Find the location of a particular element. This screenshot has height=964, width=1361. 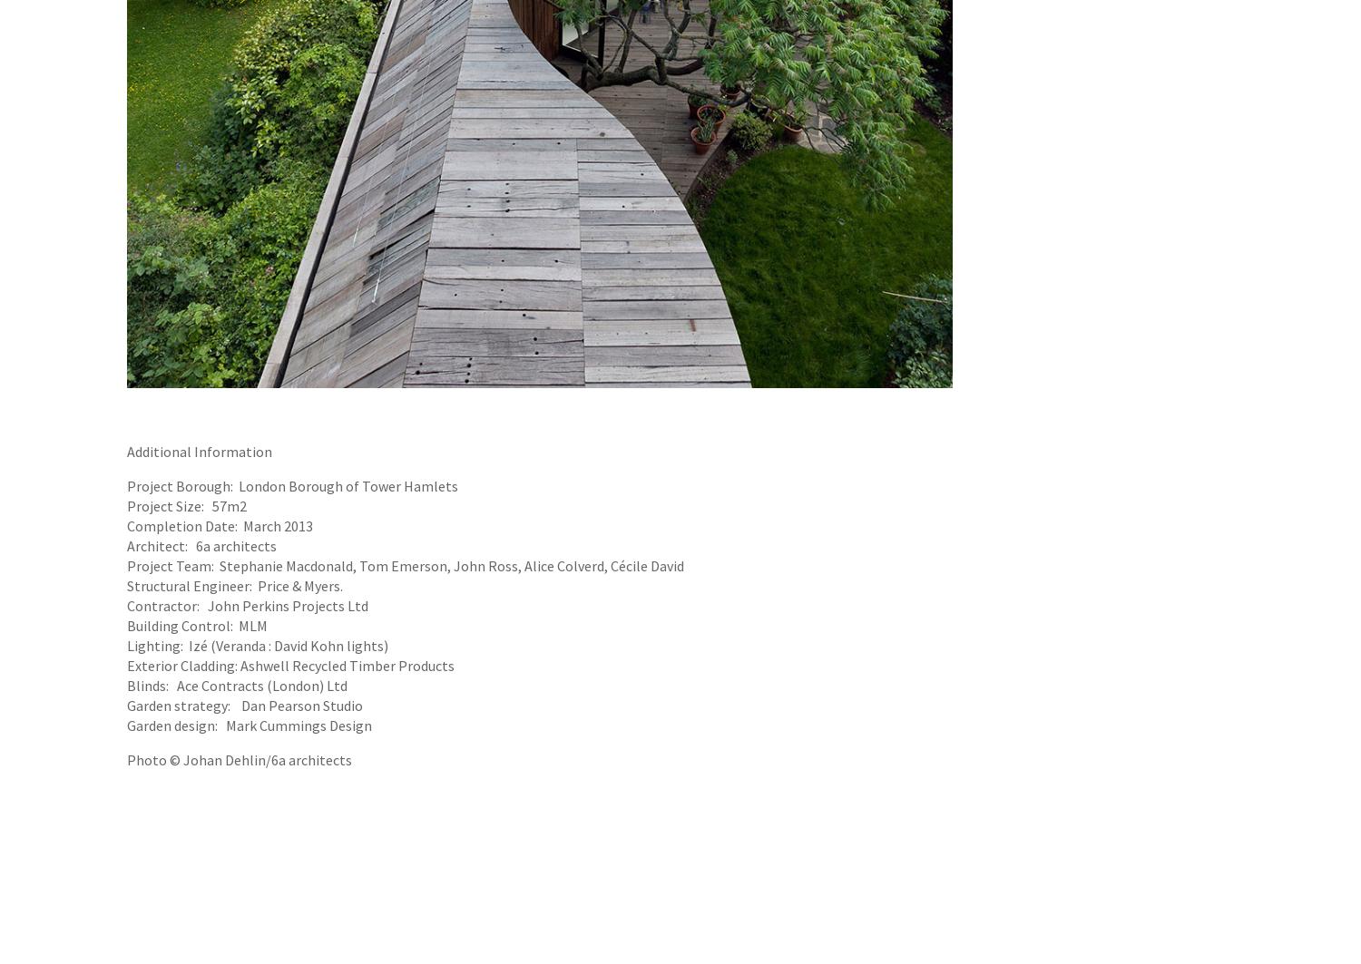

'Exterior Cladding: Ashwell Recycled Timber Products' is located at coordinates (289, 665).